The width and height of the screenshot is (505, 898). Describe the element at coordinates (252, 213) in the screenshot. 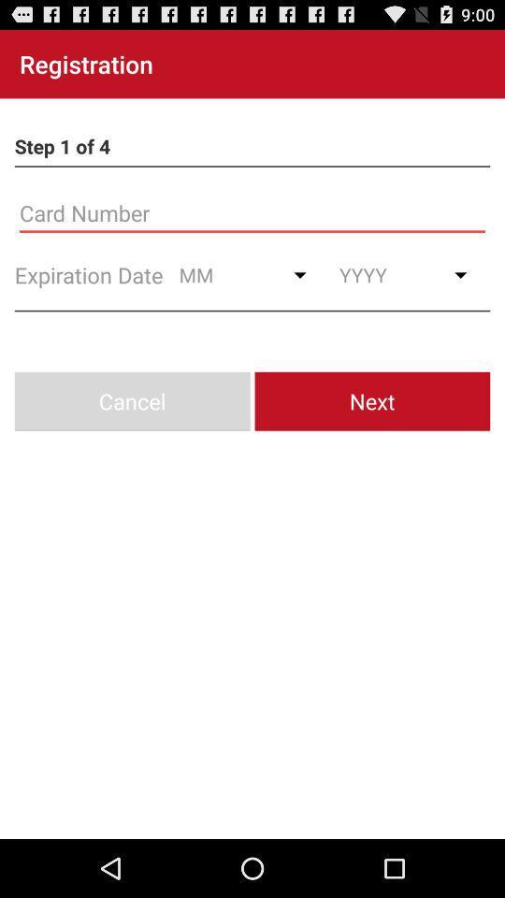

I see `card number` at that location.